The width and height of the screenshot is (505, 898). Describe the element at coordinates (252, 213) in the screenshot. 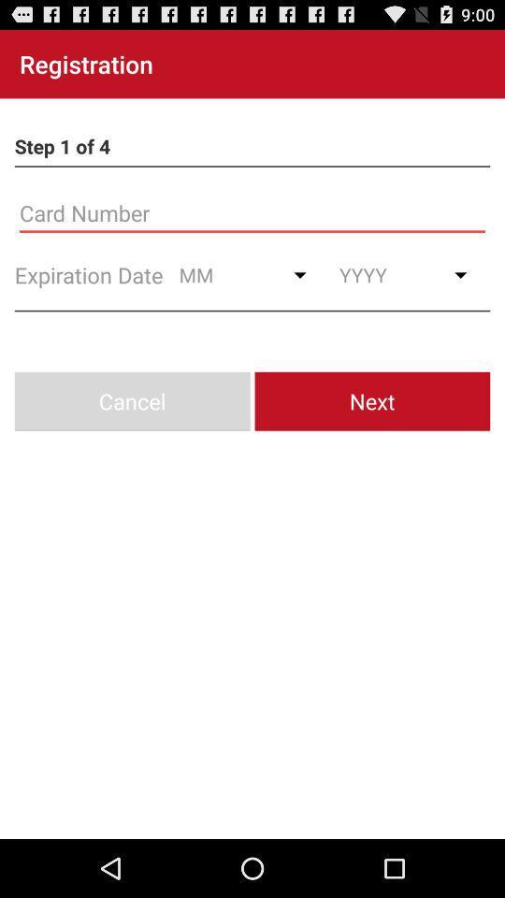

I see `card number` at that location.